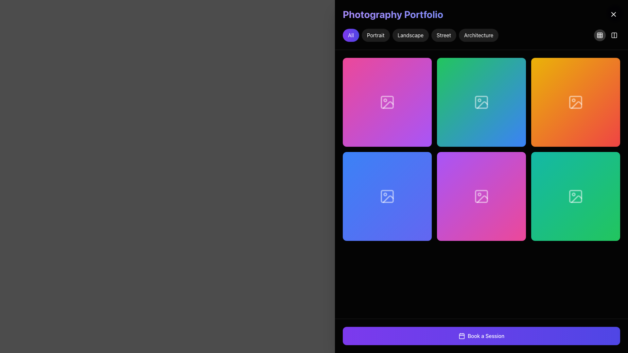 Image resolution: width=628 pixels, height=353 pixels. I want to click on the close button located in the top-right corner of the header section, next to the 'Photography Portfolio' text, so click(613, 14).